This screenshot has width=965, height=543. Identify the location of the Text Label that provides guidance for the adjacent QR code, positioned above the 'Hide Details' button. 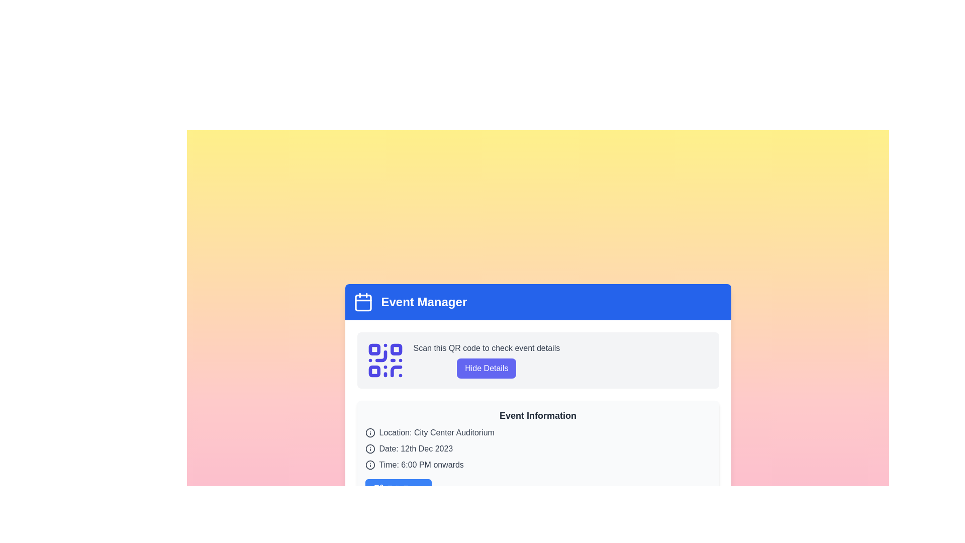
(487, 348).